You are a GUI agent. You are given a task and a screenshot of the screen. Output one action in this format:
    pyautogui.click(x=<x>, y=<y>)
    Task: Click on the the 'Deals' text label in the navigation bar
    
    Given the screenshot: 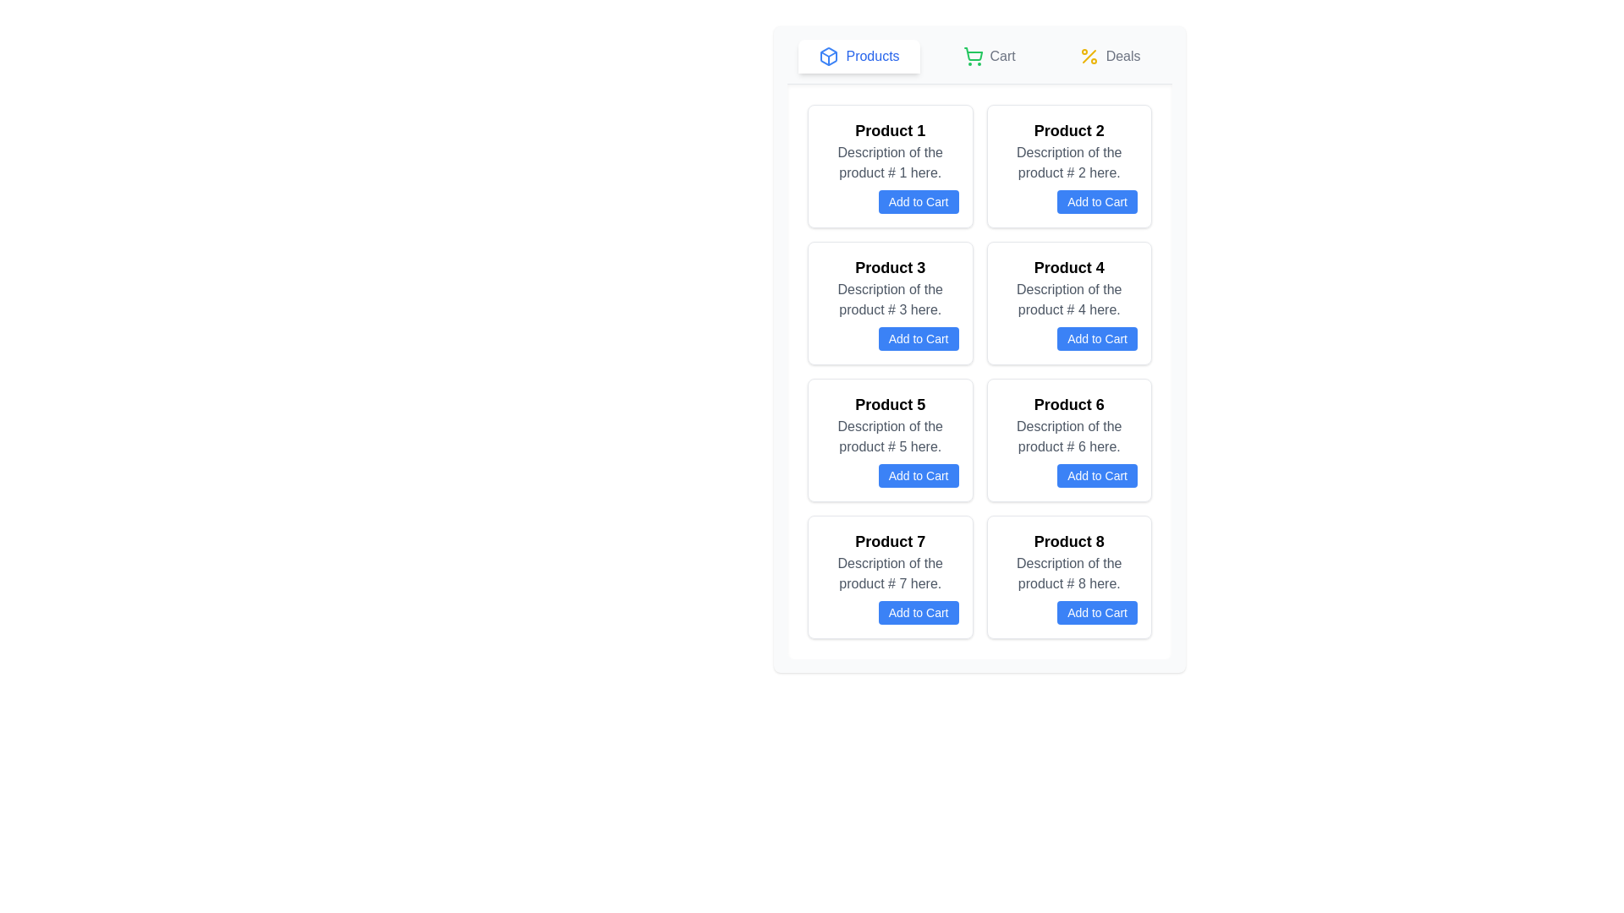 What is the action you would take?
    pyautogui.click(x=1123, y=55)
    